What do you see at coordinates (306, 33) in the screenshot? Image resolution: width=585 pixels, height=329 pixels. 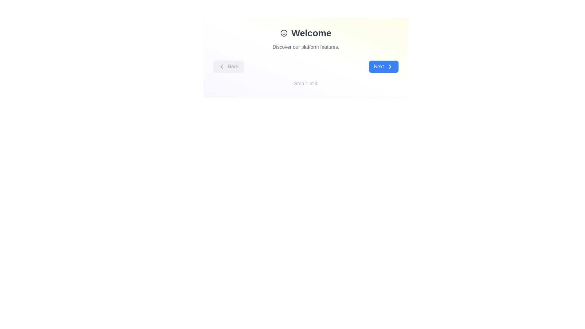 I see `the Header Text with Icon which serves as a welcoming header for the section or page to emphasize it` at bounding box center [306, 33].